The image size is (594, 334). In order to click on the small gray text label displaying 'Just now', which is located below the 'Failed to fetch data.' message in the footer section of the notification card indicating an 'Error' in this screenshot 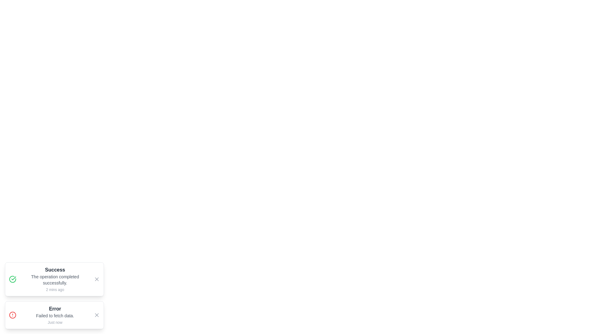, I will do `click(55, 322)`.